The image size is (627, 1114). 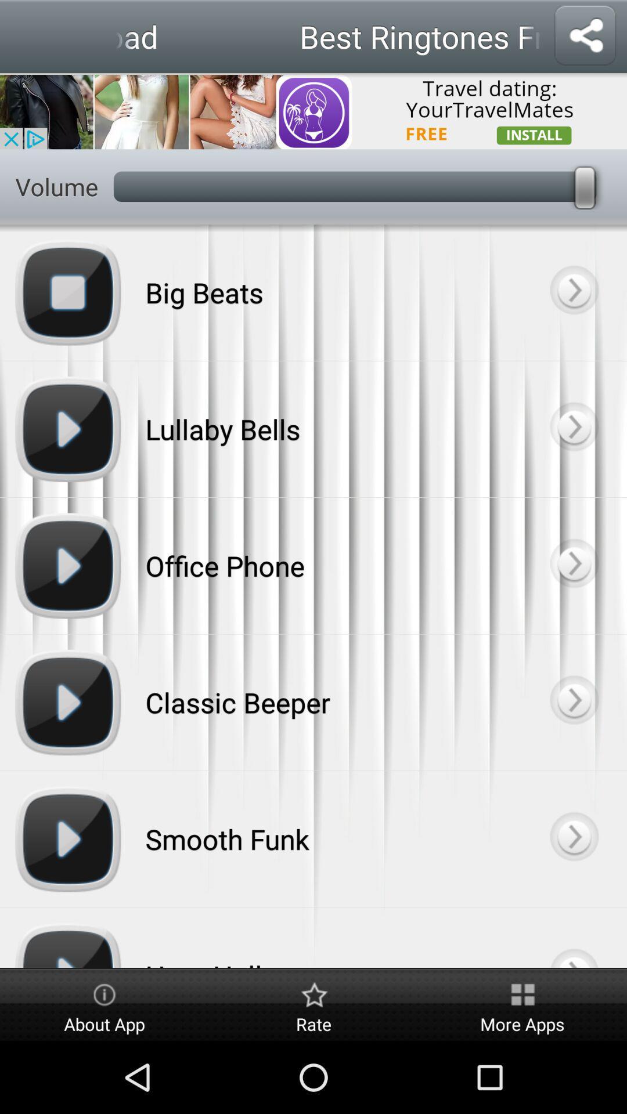 What do you see at coordinates (573, 701) in the screenshot?
I see `the audio` at bounding box center [573, 701].